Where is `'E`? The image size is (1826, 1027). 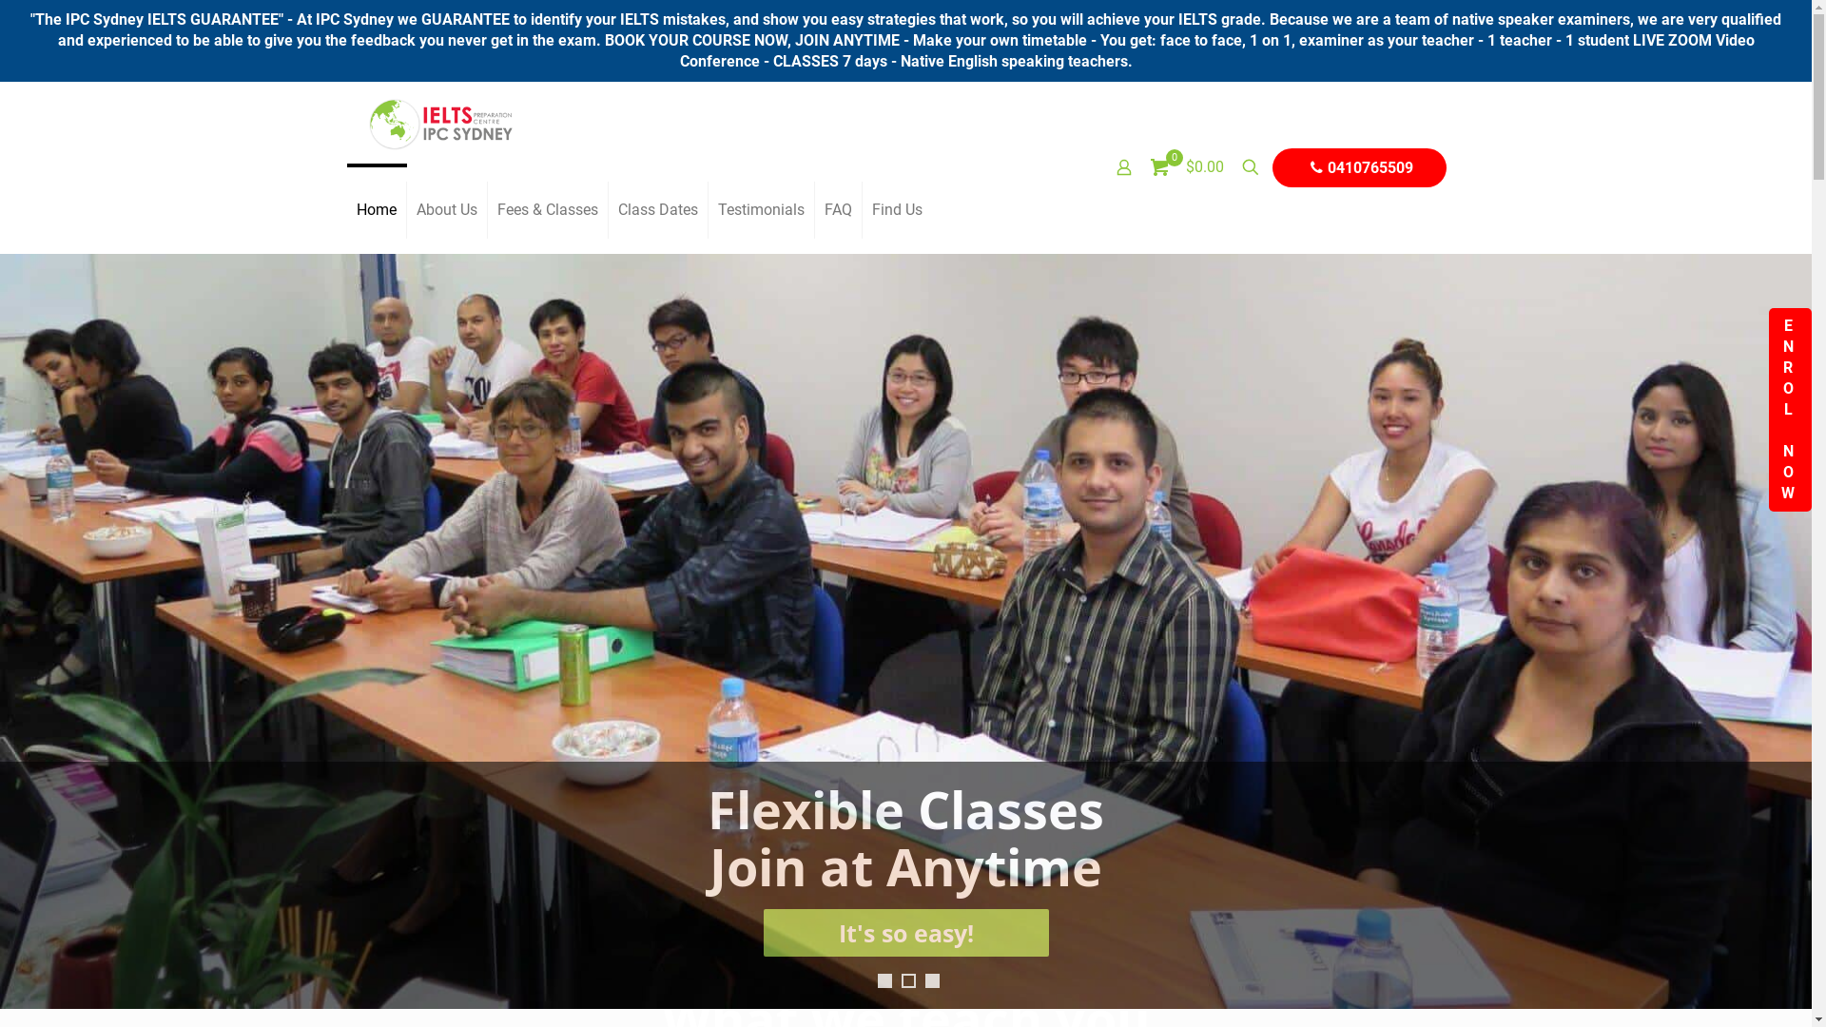
'E is located at coordinates (1768, 409).